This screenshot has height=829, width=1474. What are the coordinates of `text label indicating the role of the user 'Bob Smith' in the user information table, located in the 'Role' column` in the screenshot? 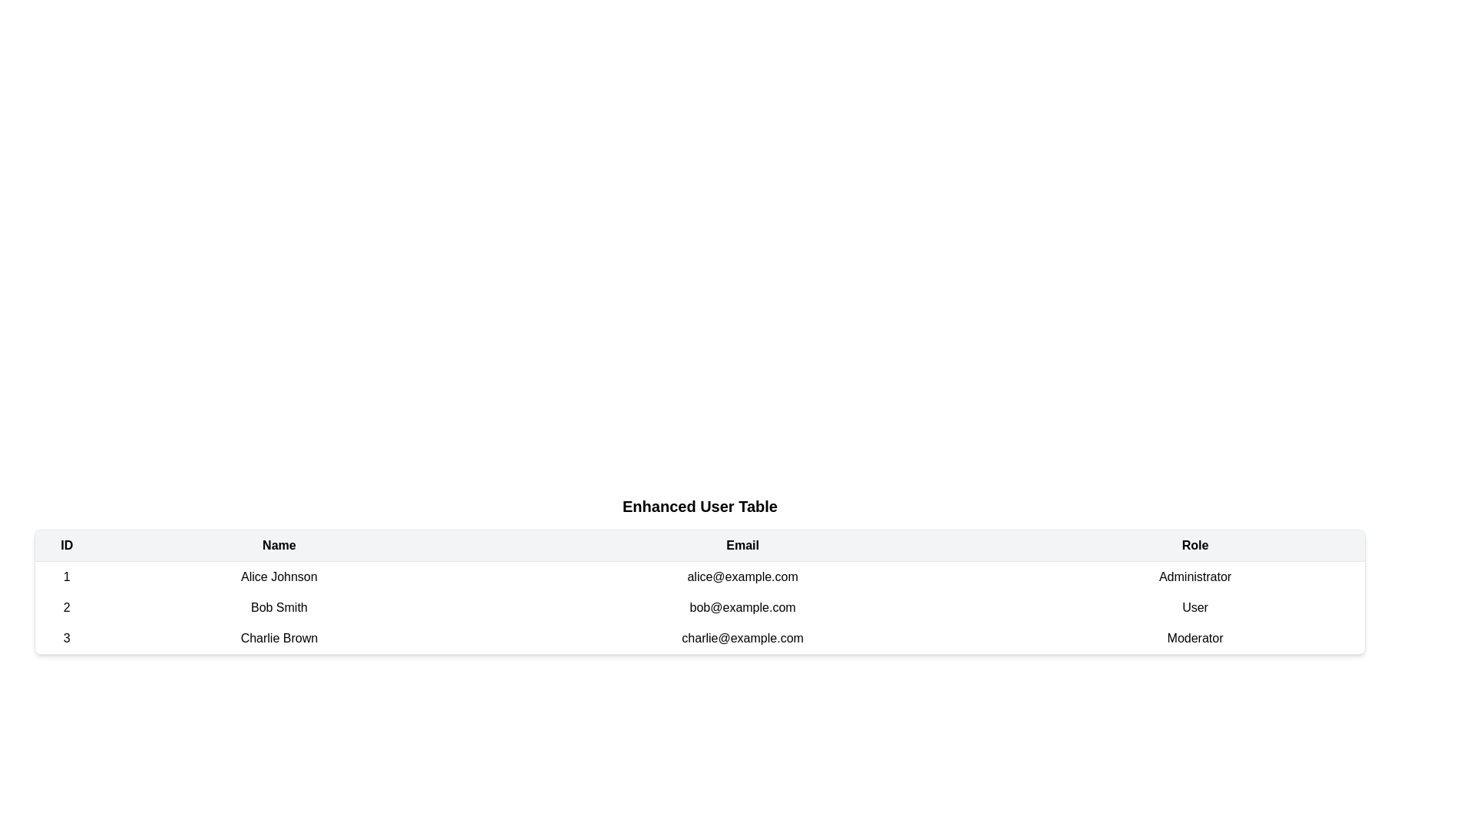 It's located at (1195, 606).